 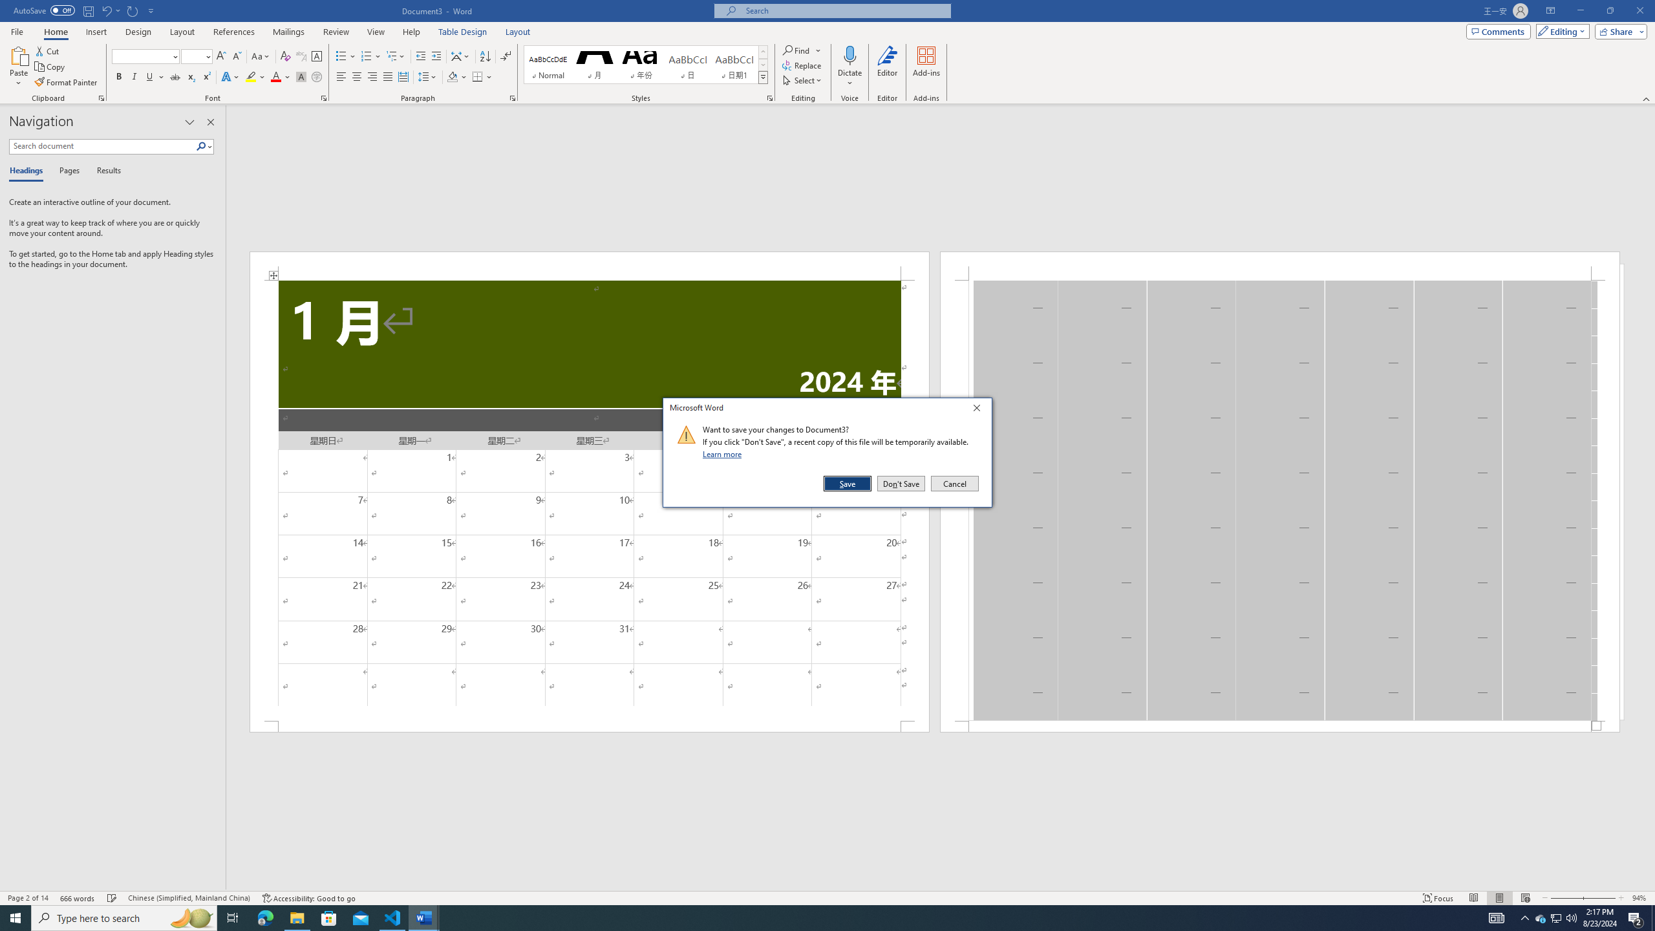 What do you see at coordinates (134, 76) in the screenshot?
I see `'Italic'` at bounding box center [134, 76].